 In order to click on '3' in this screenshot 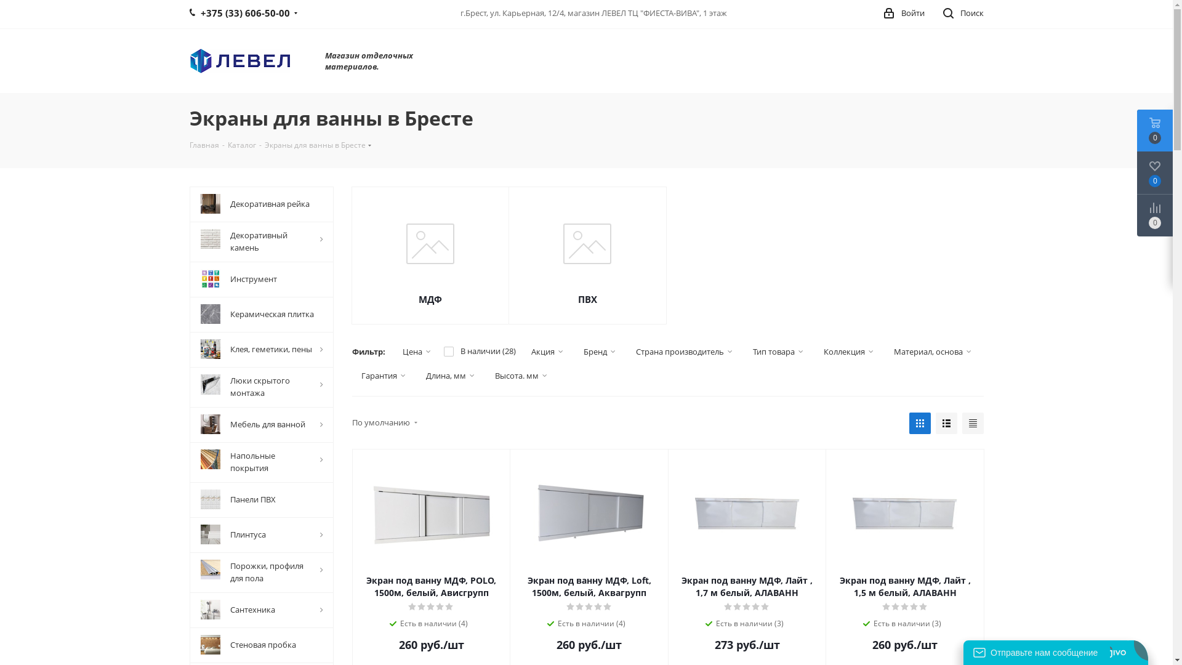, I will do `click(431, 607)`.